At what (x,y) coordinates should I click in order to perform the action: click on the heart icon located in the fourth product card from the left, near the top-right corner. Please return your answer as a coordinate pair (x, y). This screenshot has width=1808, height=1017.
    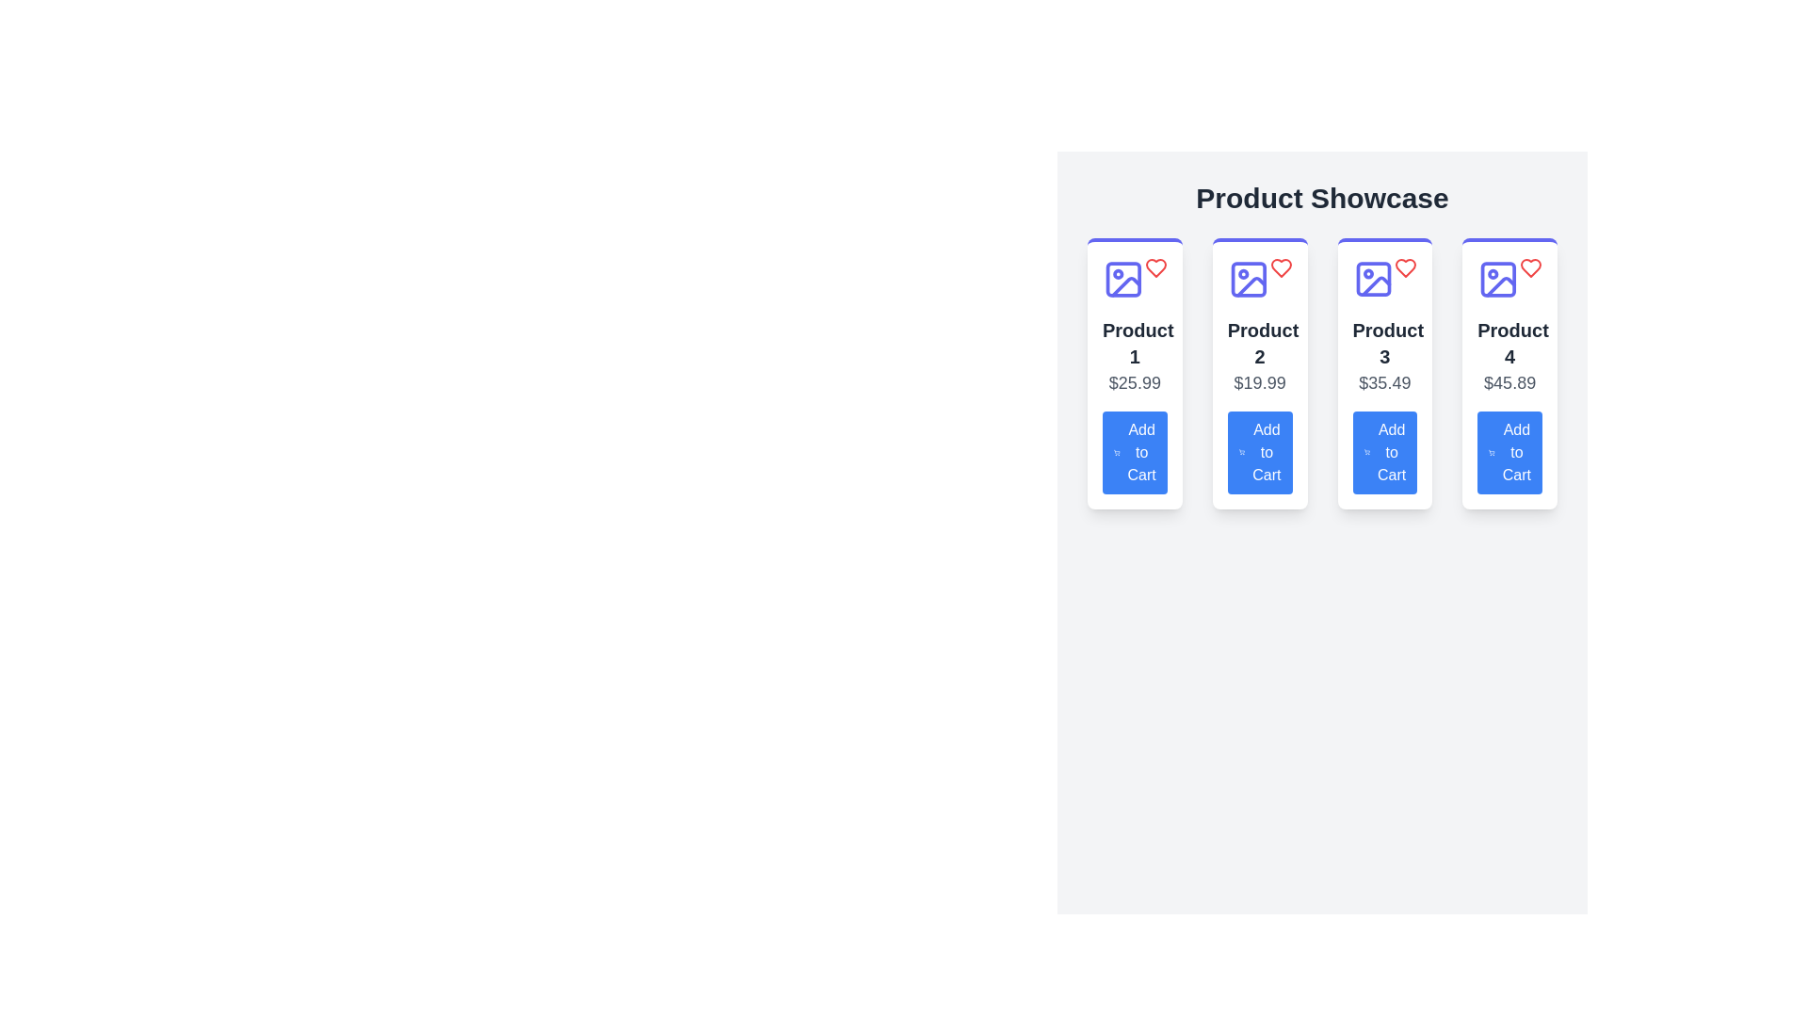
    Looking at the image, I should click on (1531, 268).